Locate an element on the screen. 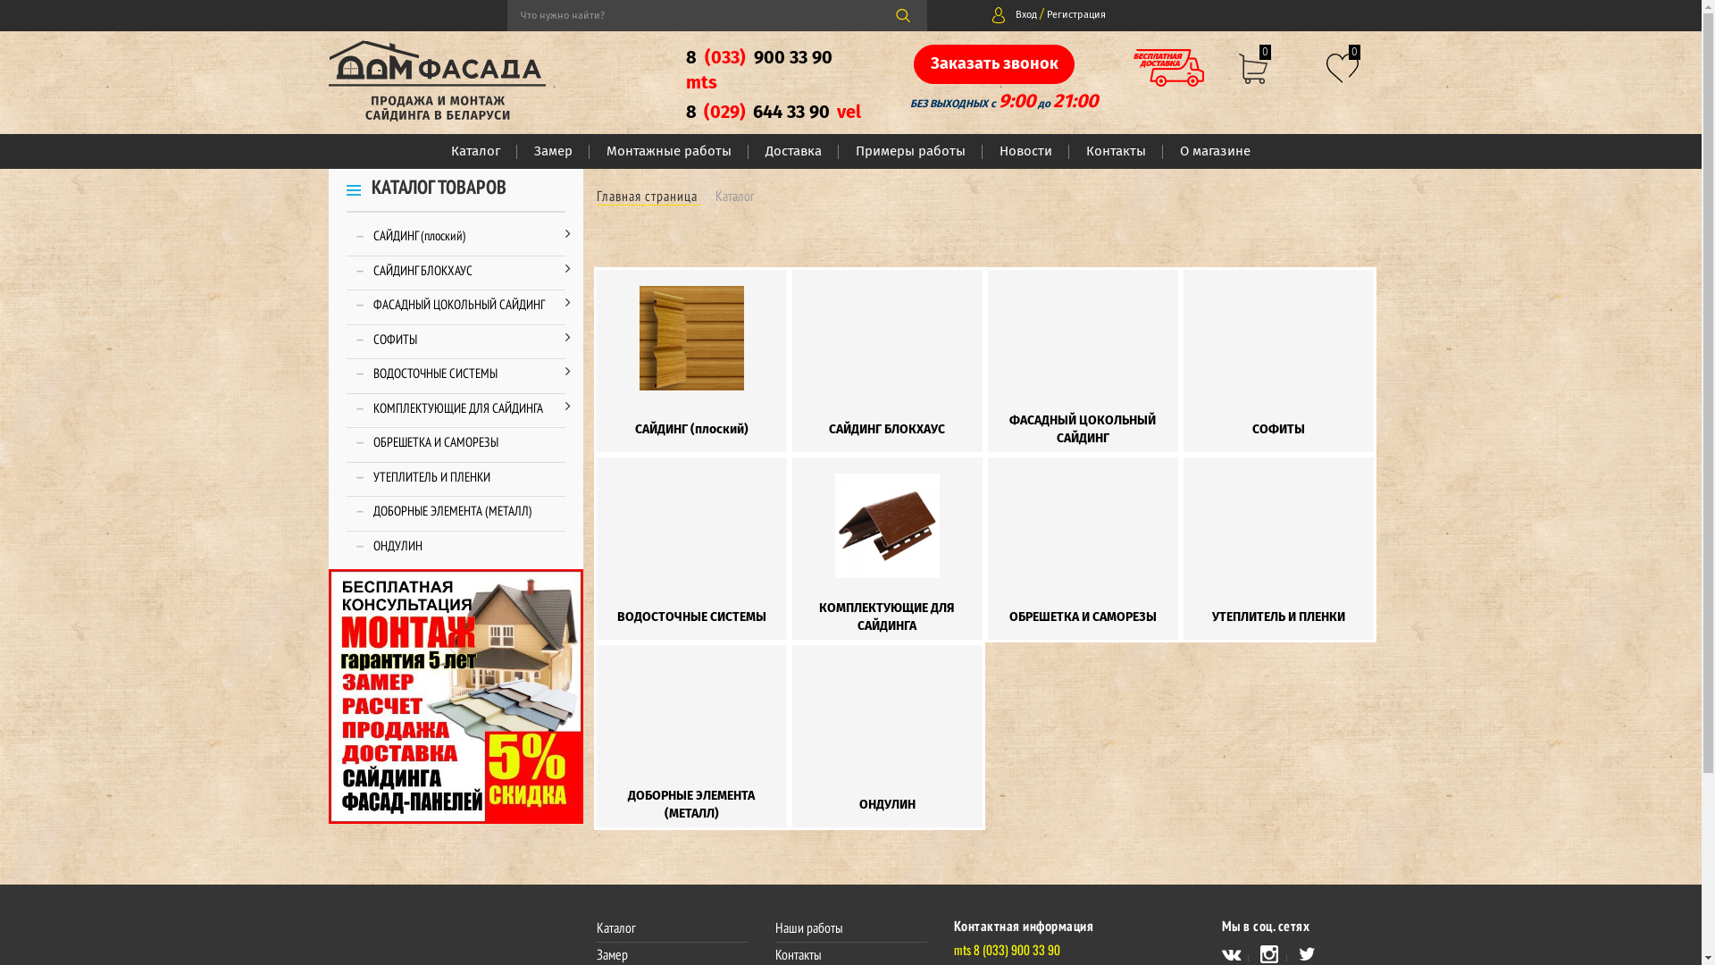 Image resolution: width=1715 pixels, height=965 pixels. '8  (033)  900 33 90 mts' is located at coordinates (775, 85).